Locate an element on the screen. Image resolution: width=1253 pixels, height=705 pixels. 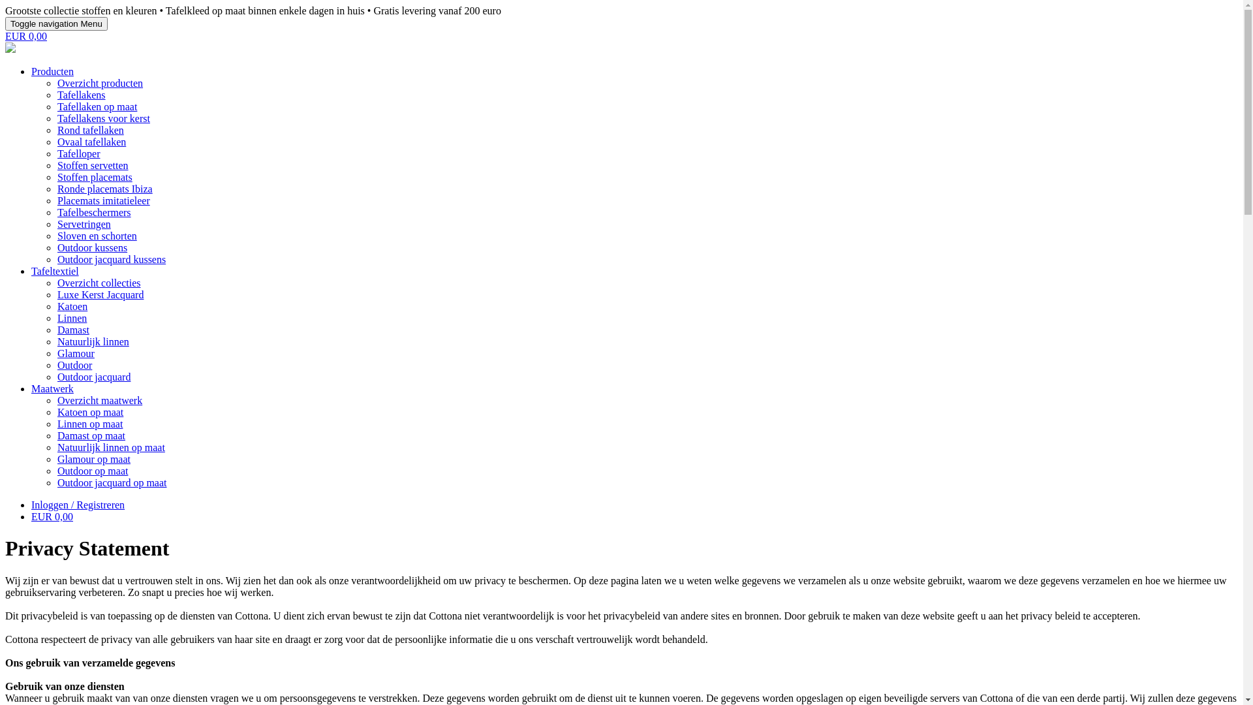
'Overzicht producten' is located at coordinates (99, 83).